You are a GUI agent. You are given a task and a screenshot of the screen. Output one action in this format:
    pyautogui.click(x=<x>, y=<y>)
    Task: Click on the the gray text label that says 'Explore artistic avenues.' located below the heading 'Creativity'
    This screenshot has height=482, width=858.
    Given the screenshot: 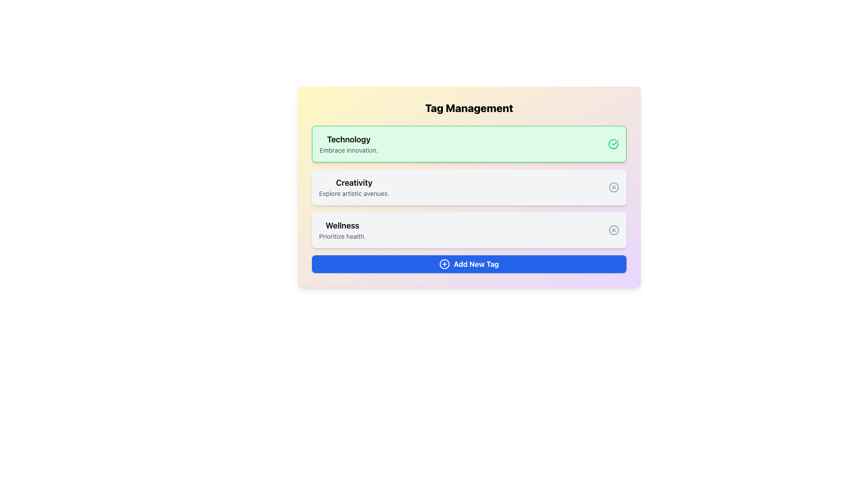 What is the action you would take?
    pyautogui.click(x=353, y=193)
    